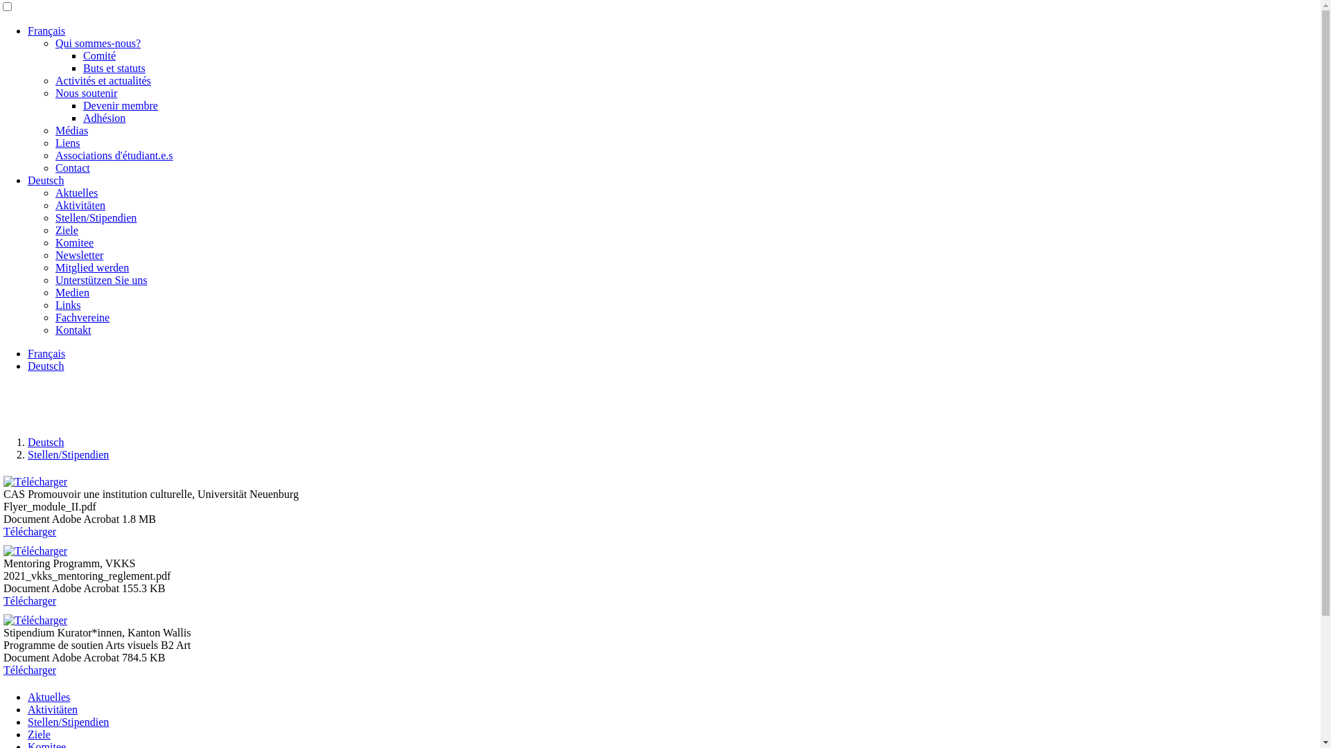 This screenshot has width=1331, height=748. I want to click on 'Aktuelles', so click(76, 193).